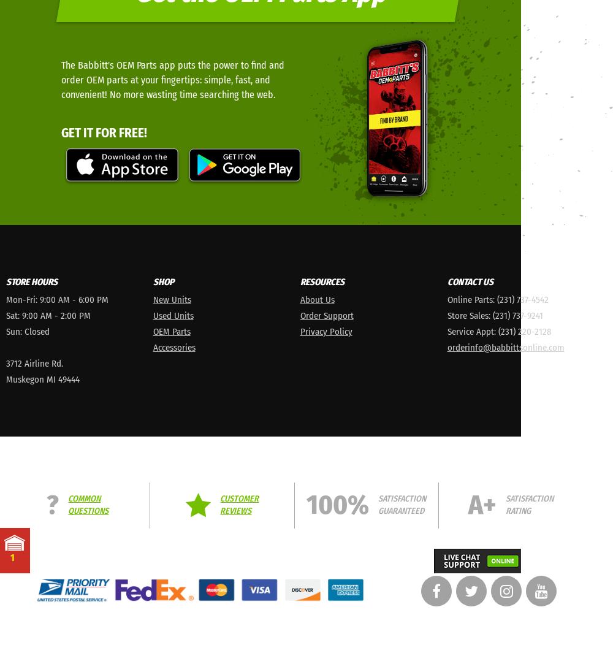  Describe the element at coordinates (88, 511) in the screenshot. I see `'Questions'` at that location.